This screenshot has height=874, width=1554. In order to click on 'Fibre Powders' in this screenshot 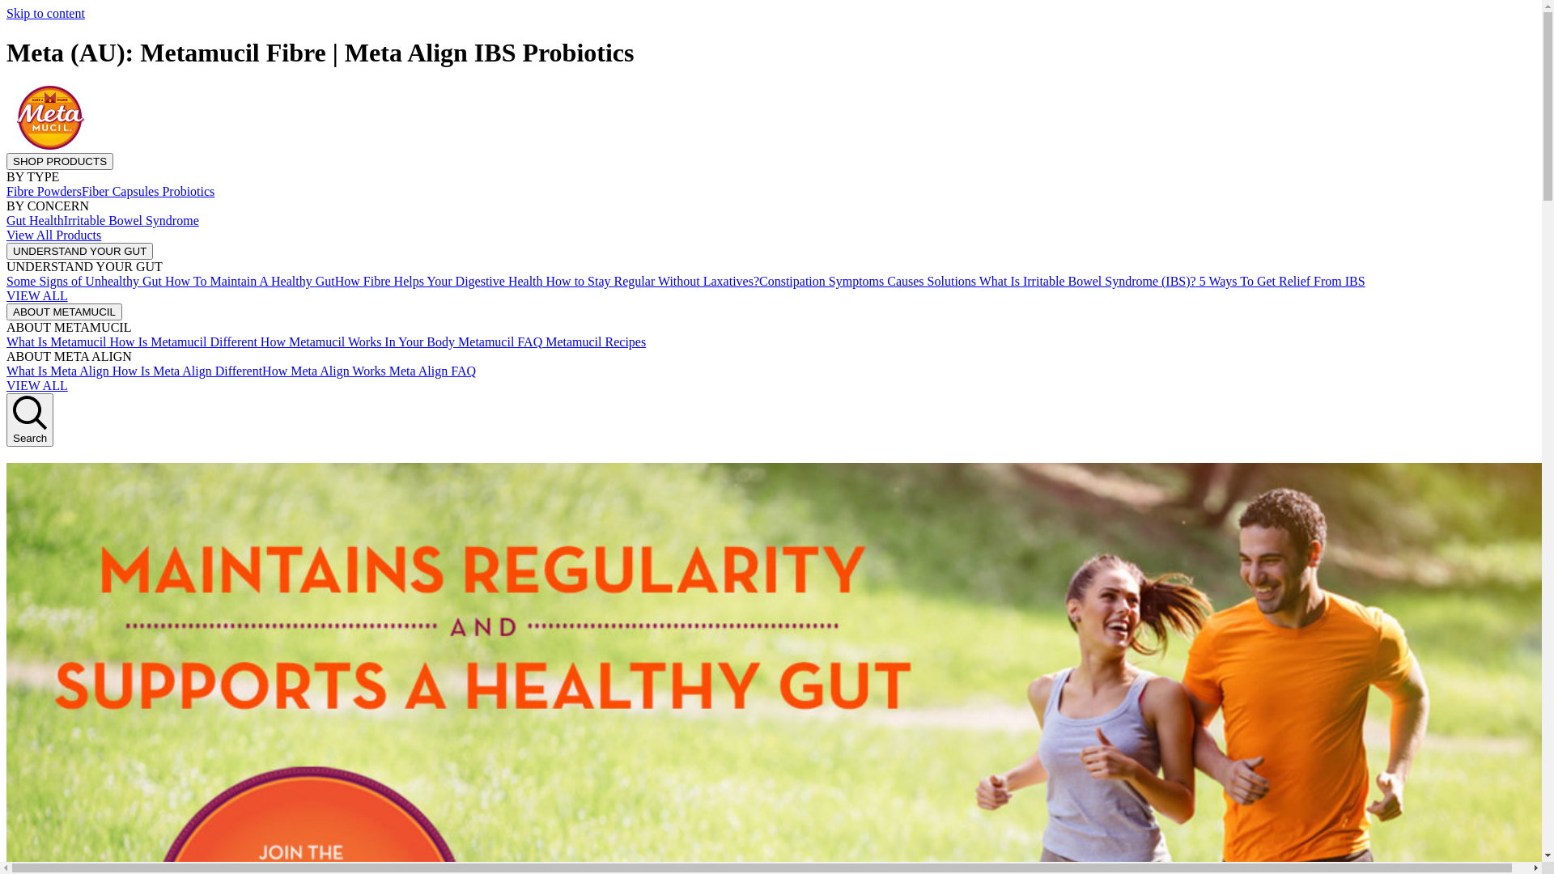, I will do `click(6, 190)`.